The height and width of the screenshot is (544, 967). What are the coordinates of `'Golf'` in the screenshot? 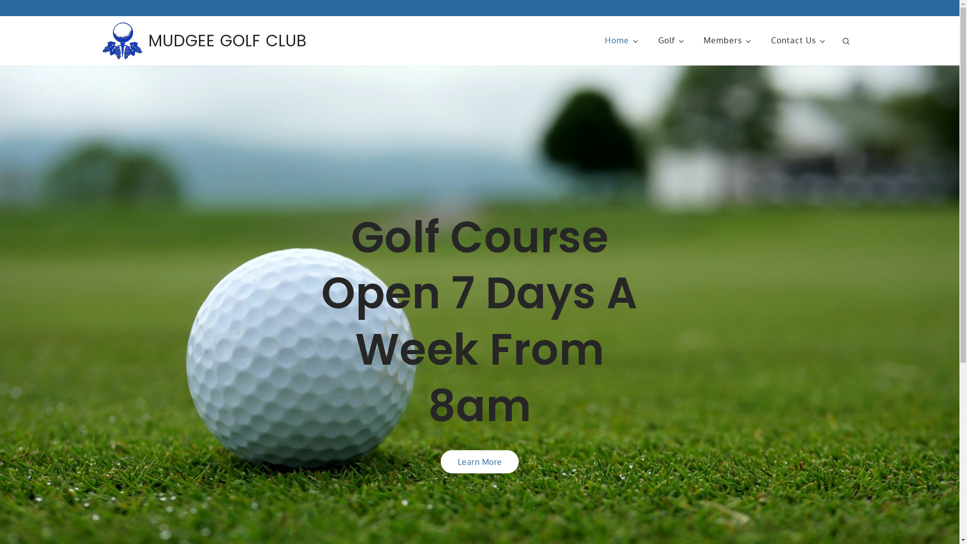 It's located at (671, 40).